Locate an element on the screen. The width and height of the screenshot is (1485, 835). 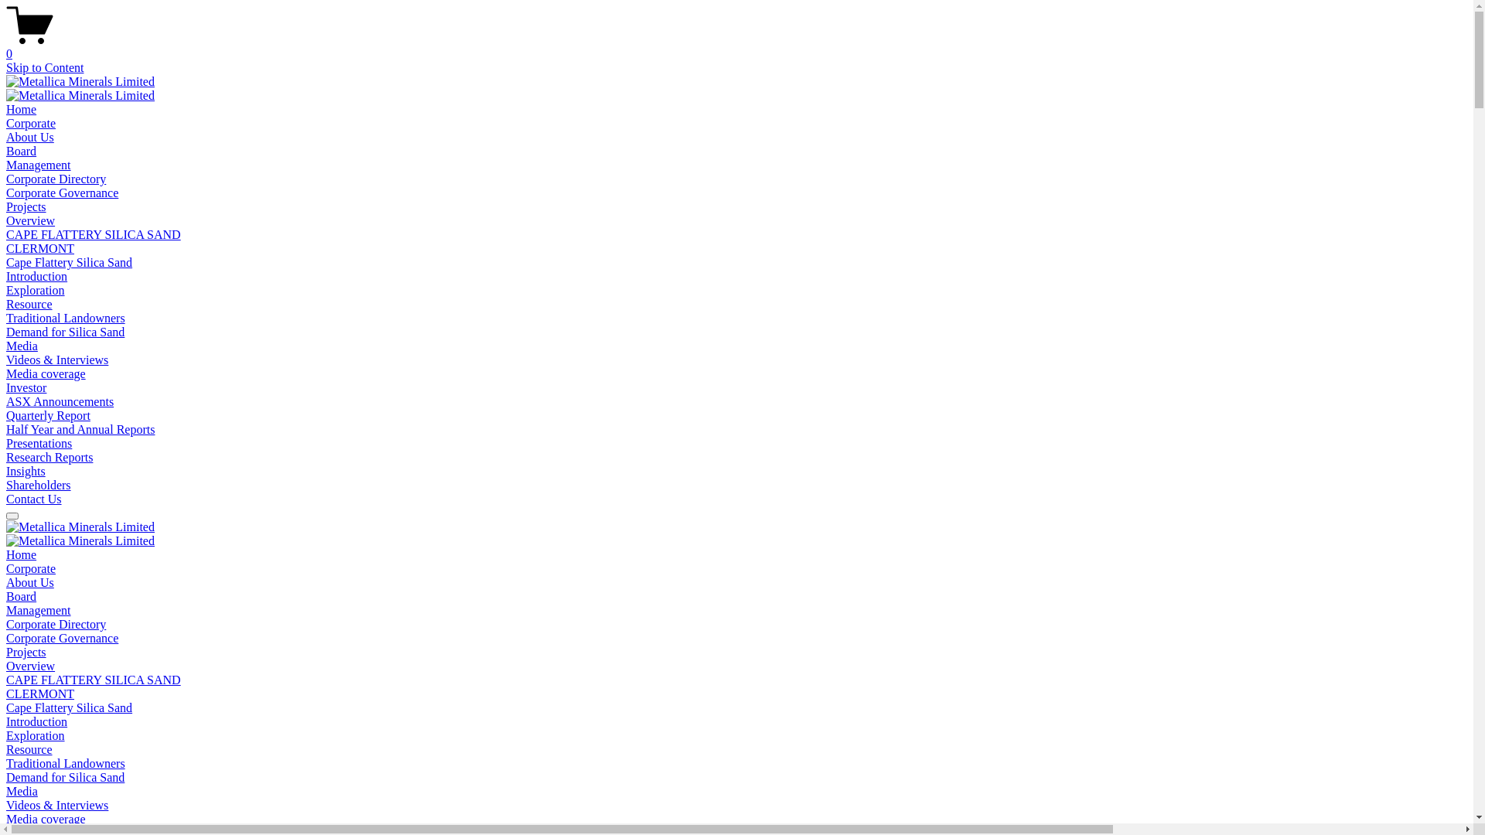
'Home' is located at coordinates (21, 554).